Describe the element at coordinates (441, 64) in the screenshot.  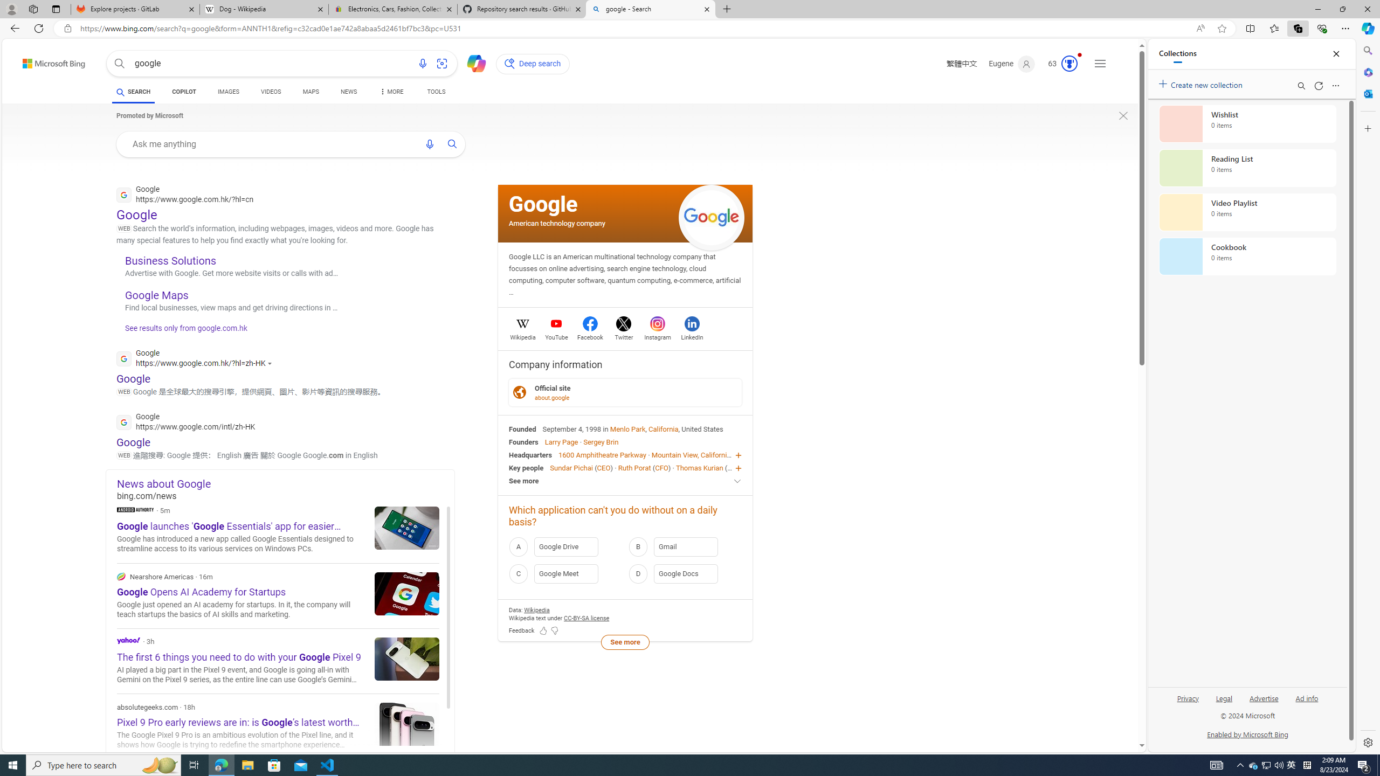
I see `'Search using an image'` at that location.